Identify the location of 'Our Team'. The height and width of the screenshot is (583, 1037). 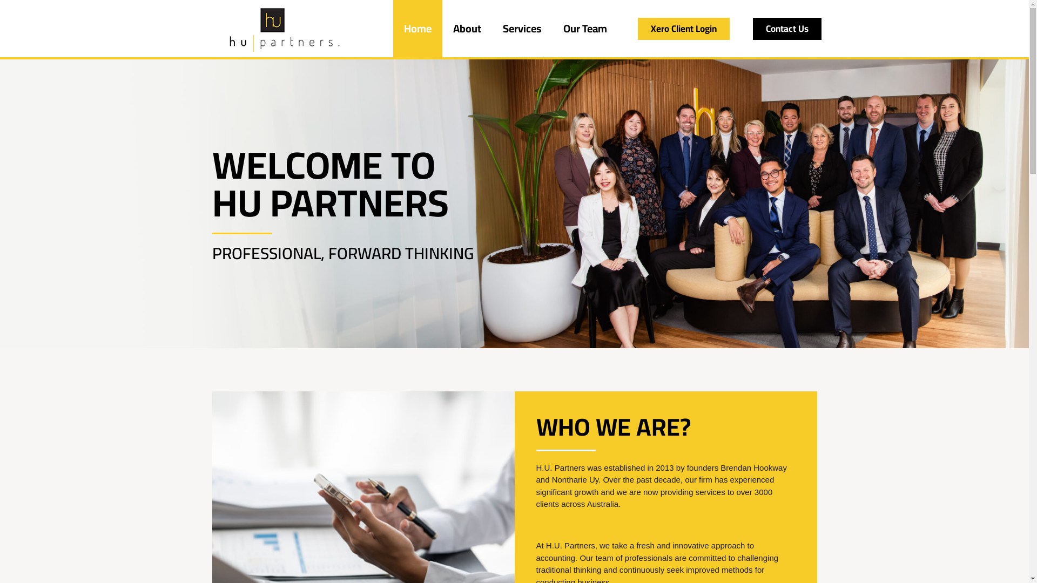
(552, 28).